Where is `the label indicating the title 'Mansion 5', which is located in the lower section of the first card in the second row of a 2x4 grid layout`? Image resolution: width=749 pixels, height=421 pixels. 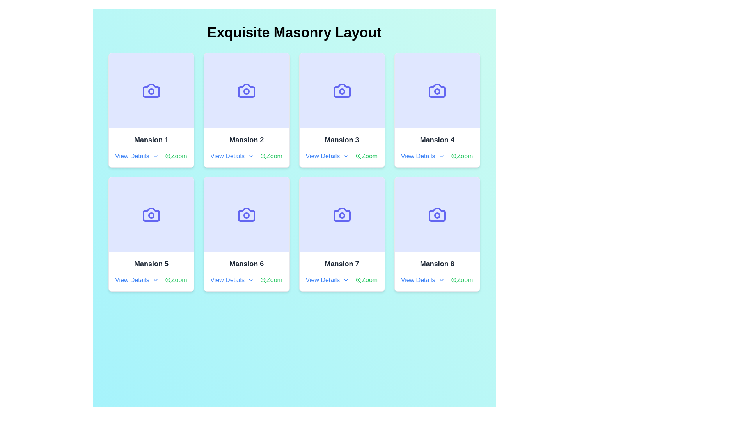 the label indicating the title 'Mansion 5', which is located in the lower section of the first card in the second row of a 2x4 grid layout is located at coordinates (151, 264).